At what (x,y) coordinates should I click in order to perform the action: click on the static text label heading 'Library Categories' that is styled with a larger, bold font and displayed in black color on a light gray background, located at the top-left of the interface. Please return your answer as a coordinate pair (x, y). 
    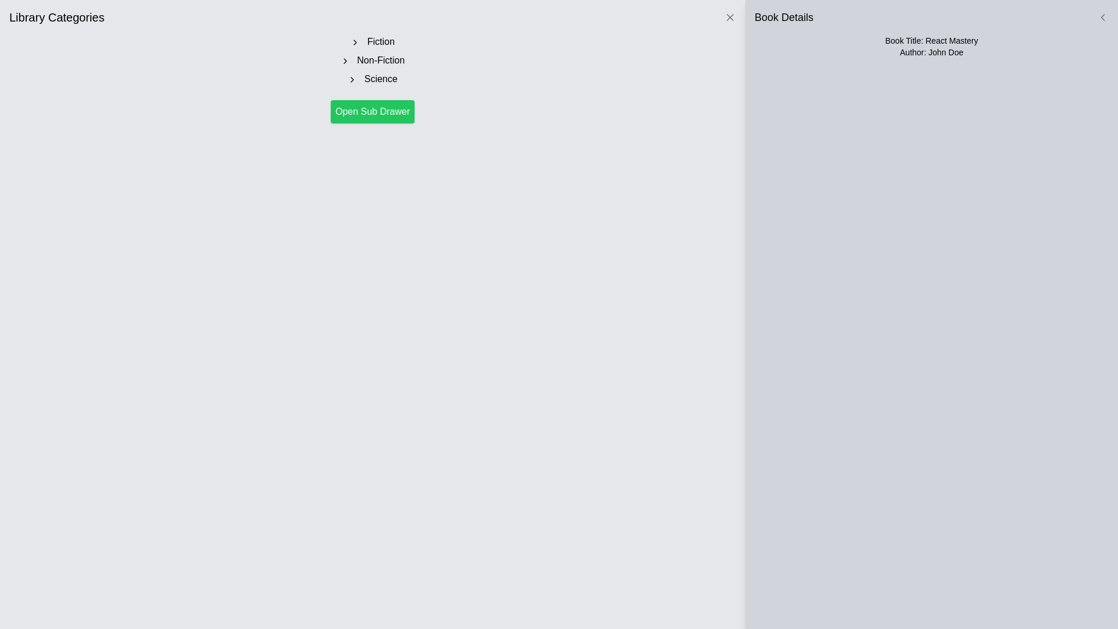
    Looking at the image, I should click on (56, 17).